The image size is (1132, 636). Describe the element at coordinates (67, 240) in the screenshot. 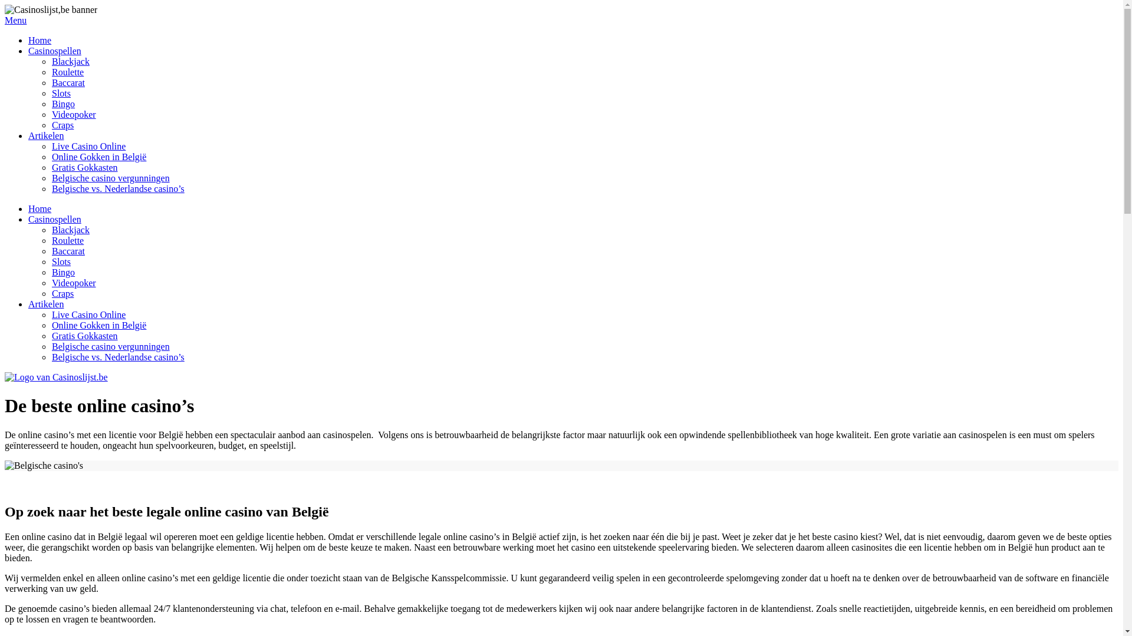

I see `'Roulette'` at that location.